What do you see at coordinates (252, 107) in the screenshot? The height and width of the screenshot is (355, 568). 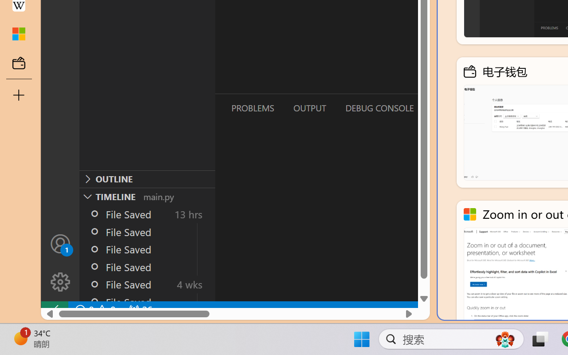 I see `'Problems (Ctrl+Shift+M)'` at bounding box center [252, 107].